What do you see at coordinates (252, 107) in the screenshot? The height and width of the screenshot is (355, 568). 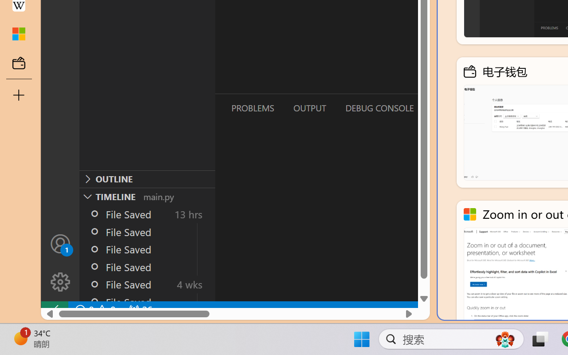 I see `'Problems (Ctrl+Shift+M)'` at bounding box center [252, 107].